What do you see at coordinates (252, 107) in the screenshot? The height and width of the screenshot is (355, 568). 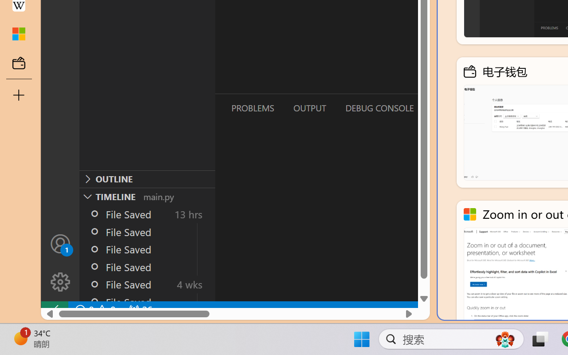 I see `'Problems (Ctrl+Shift+M)'` at bounding box center [252, 107].